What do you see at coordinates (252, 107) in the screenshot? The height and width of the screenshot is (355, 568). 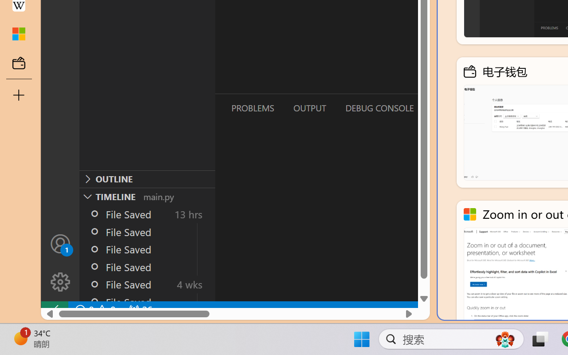 I see `'Problems (Ctrl+Shift+M)'` at bounding box center [252, 107].